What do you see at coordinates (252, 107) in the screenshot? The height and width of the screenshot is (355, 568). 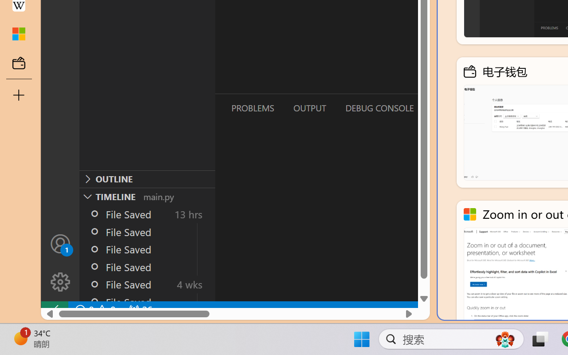 I see `'Problems (Ctrl+Shift+M)'` at bounding box center [252, 107].